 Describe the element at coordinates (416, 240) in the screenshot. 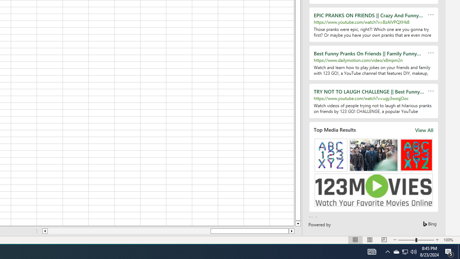

I see `'Zoom'` at that location.